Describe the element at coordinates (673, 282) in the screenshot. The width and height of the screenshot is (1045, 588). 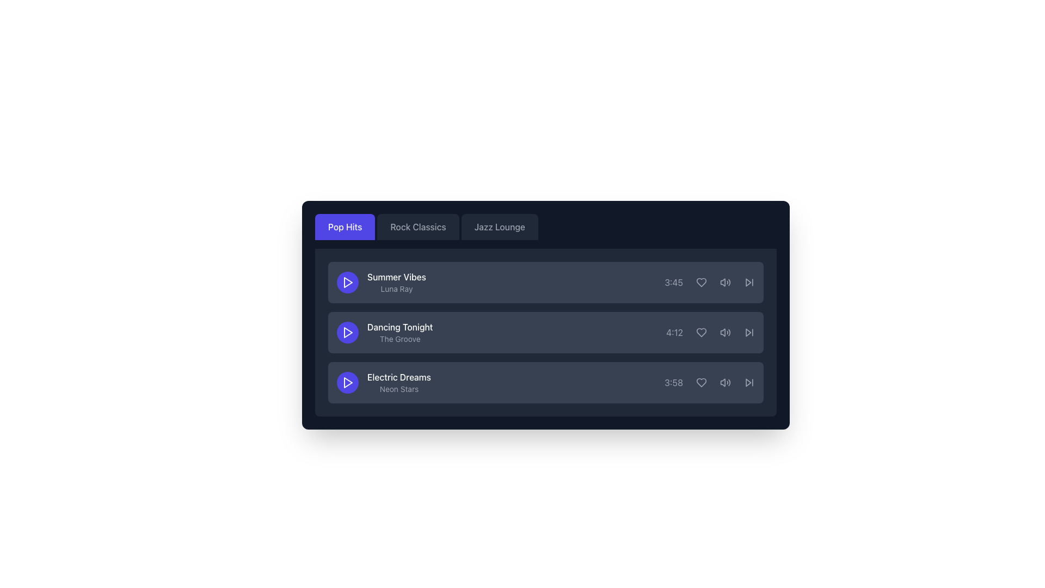
I see `the informational label that indicates the total duration of the first listed item, located to the right of the title 'Summer Vibes - Luna Ray'` at that location.